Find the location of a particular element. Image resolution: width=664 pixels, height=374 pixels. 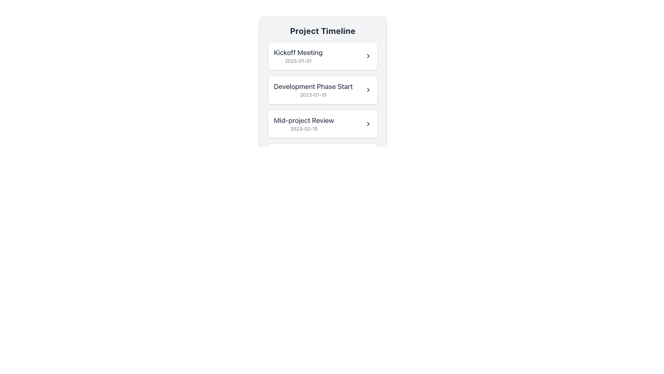

the timeline item labeled 'Development Phase Start' is located at coordinates (322, 89).